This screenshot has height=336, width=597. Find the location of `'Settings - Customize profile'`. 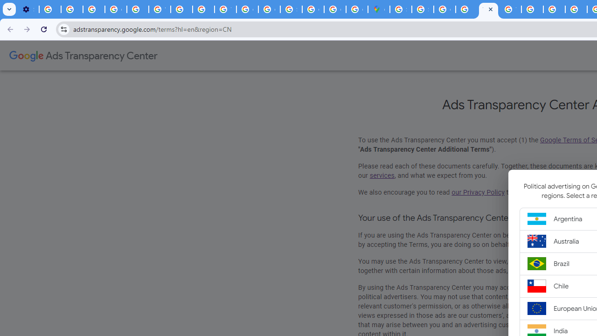

'Settings - Customize profile' is located at coordinates (28, 9).